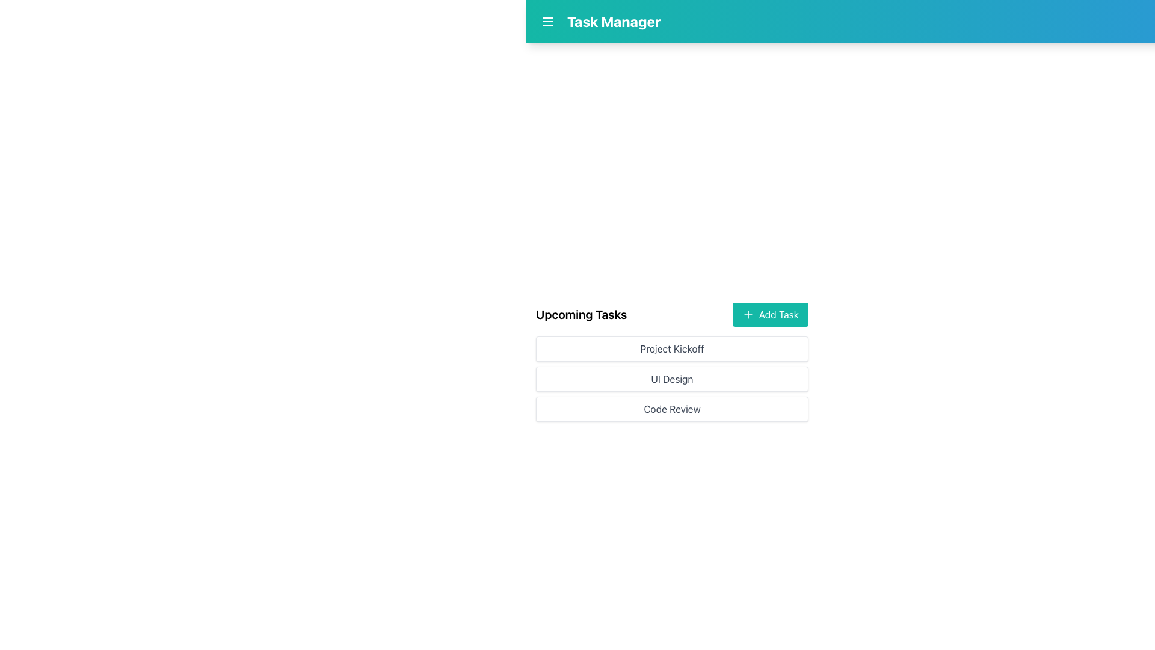  I want to click on the menu icon button located in the top-left corner of the page, adjacent to the text 'Task Manager', so click(547, 21).